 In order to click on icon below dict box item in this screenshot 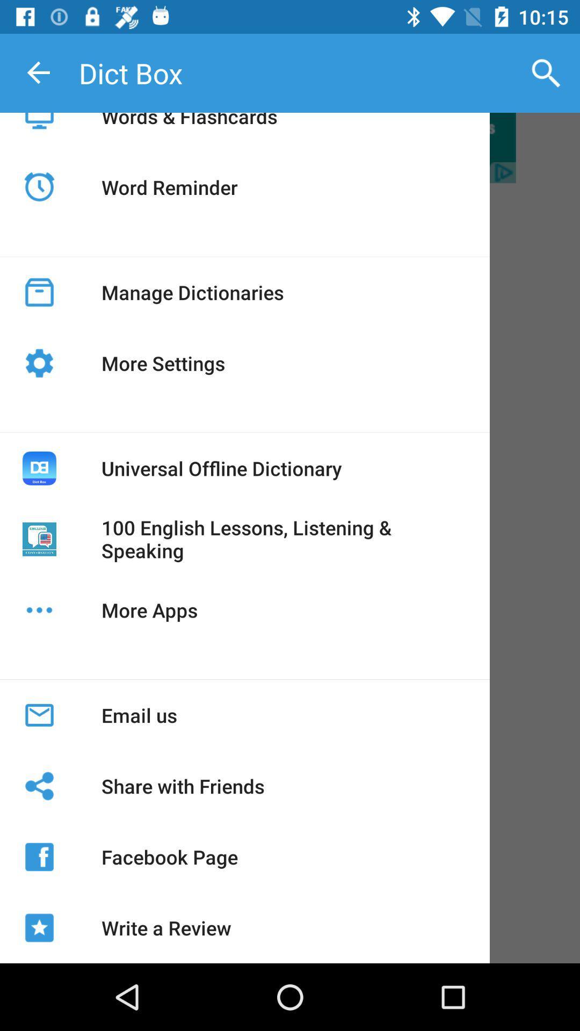, I will do `click(189, 128)`.